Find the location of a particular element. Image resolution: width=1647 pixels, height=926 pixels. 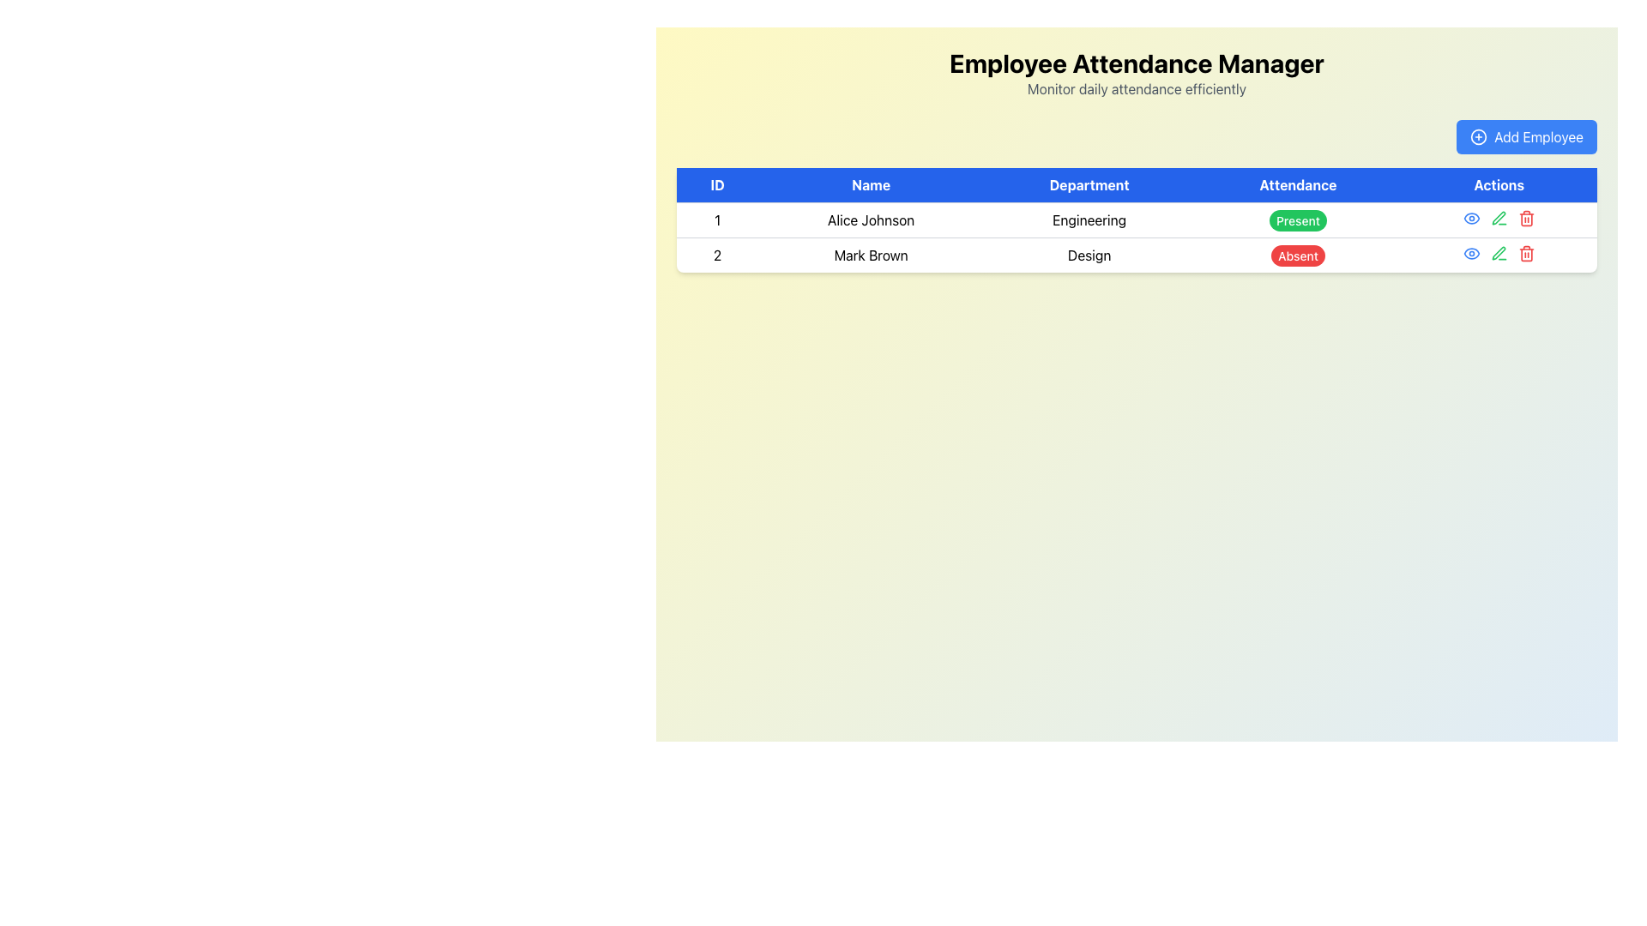

the Status Badge labeled 'Absent' in the Attendance column of the second row of the table, which has a vibrant red background and white text is located at coordinates (1298, 255).